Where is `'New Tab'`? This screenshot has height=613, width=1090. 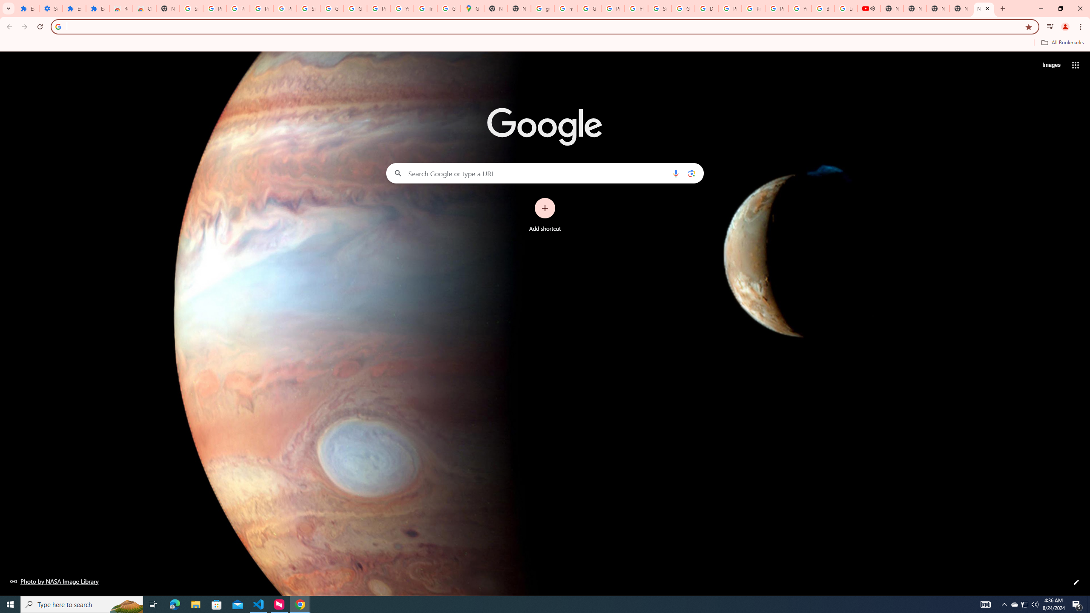 'New Tab' is located at coordinates (984, 8).